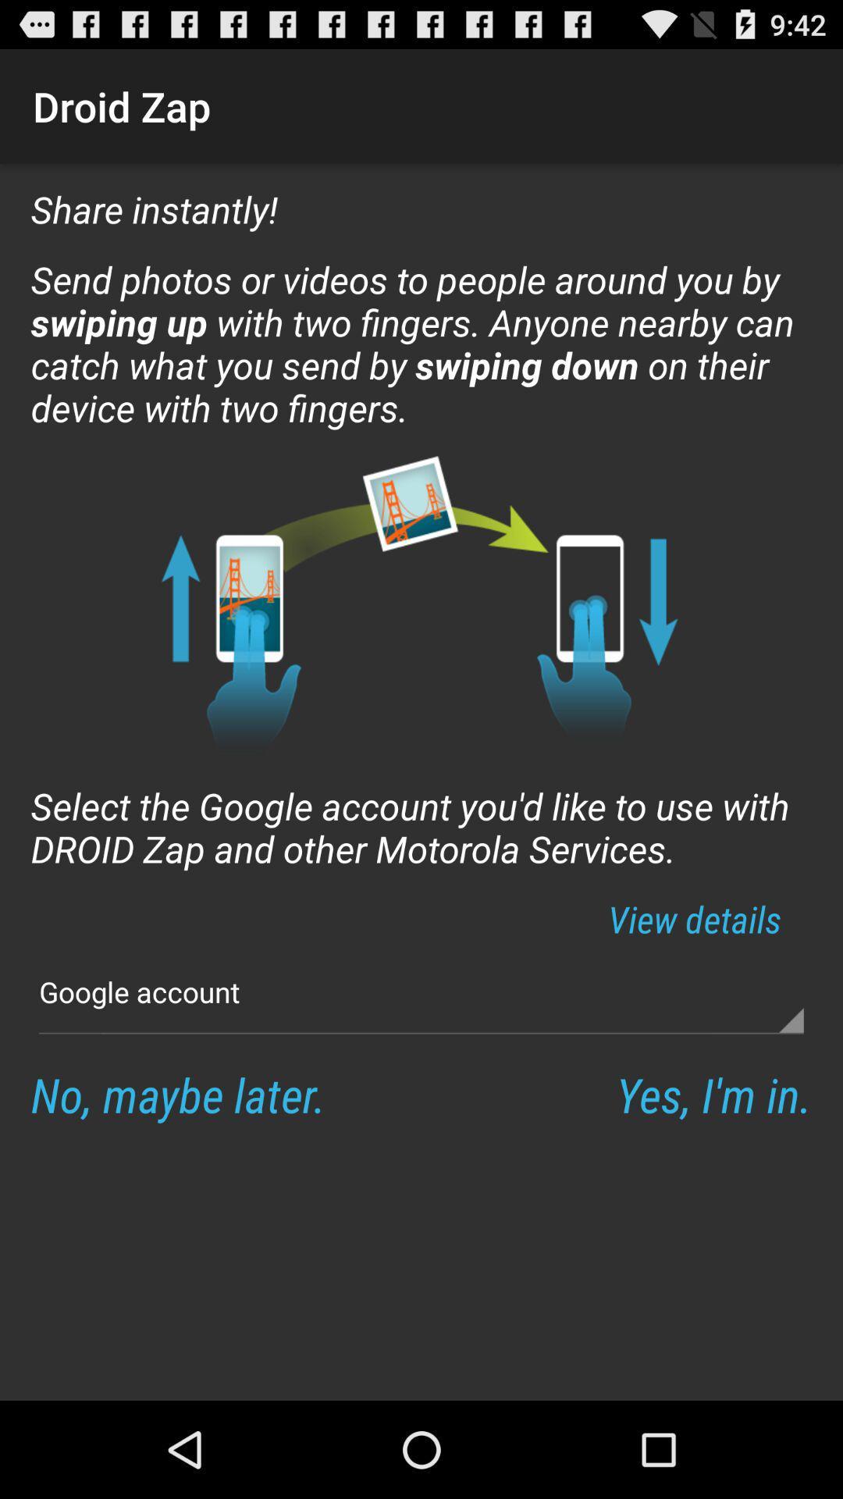 This screenshot has height=1499, width=843. I want to click on icon at the bottom right corner, so click(713, 1093).